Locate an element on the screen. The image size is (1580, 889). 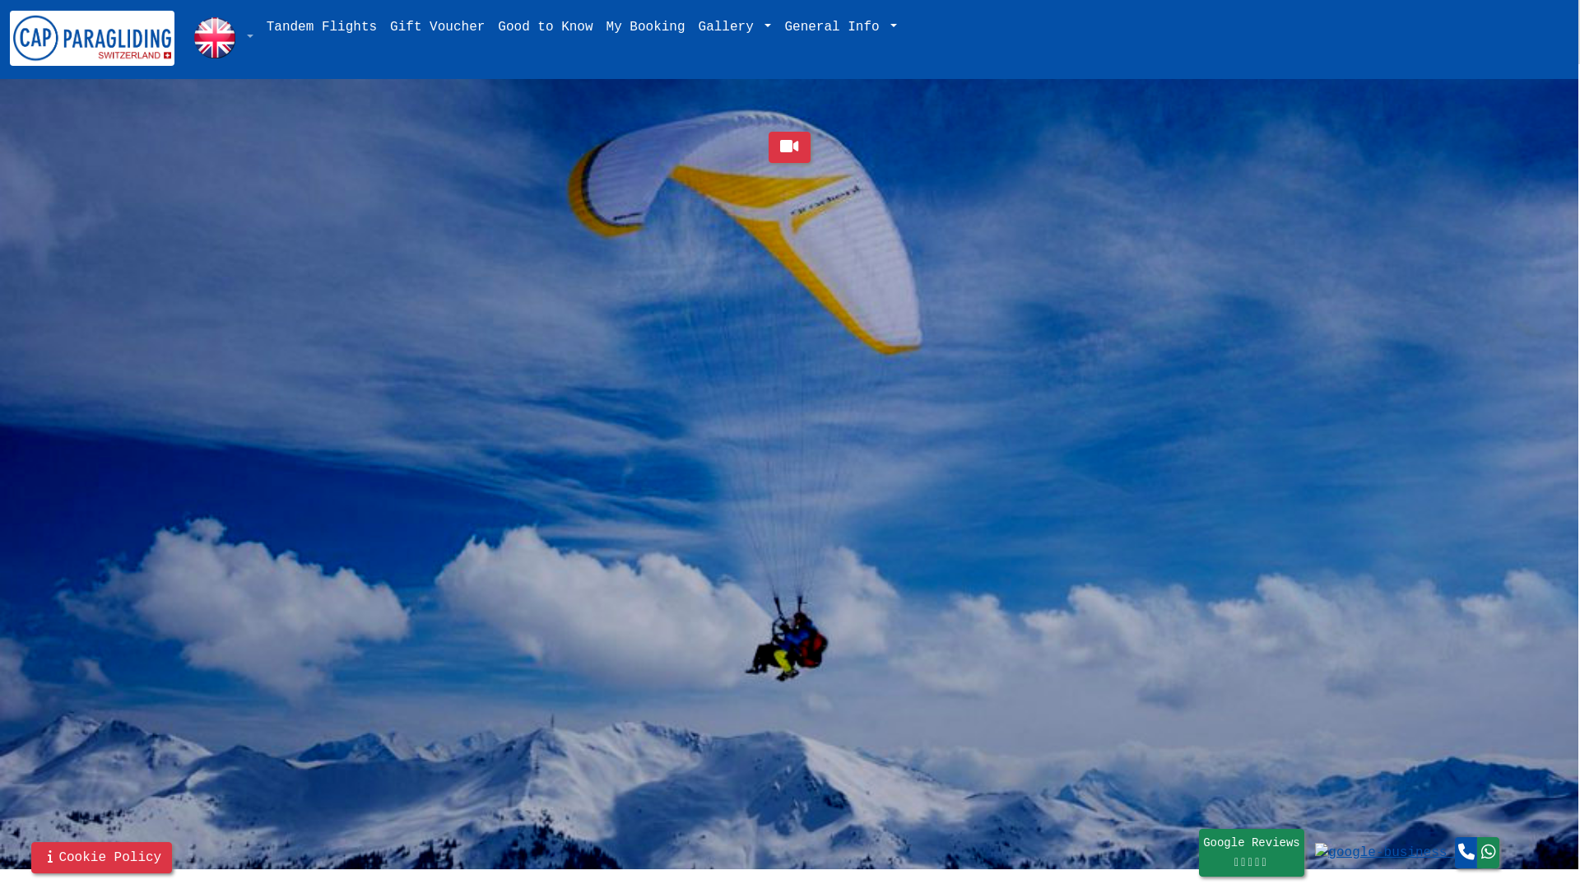
'Gift Voucher' is located at coordinates (437, 27).